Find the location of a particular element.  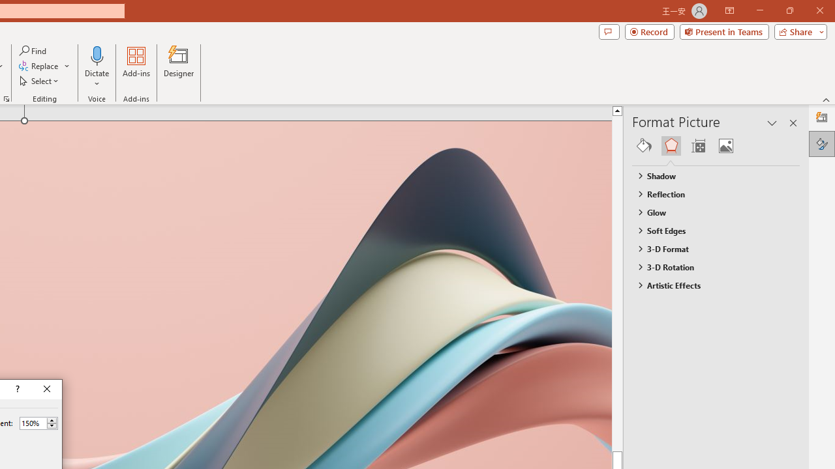

'Percent' is located at coordinates (33, 423).